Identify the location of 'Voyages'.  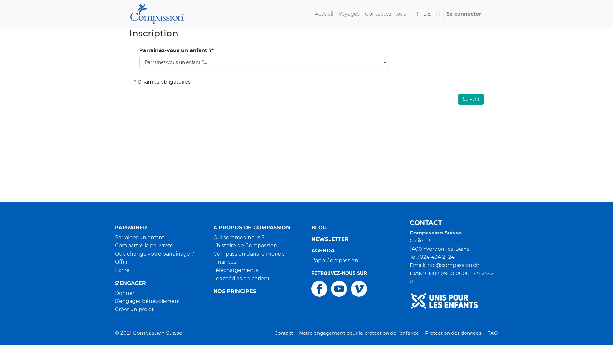
(349, 14).